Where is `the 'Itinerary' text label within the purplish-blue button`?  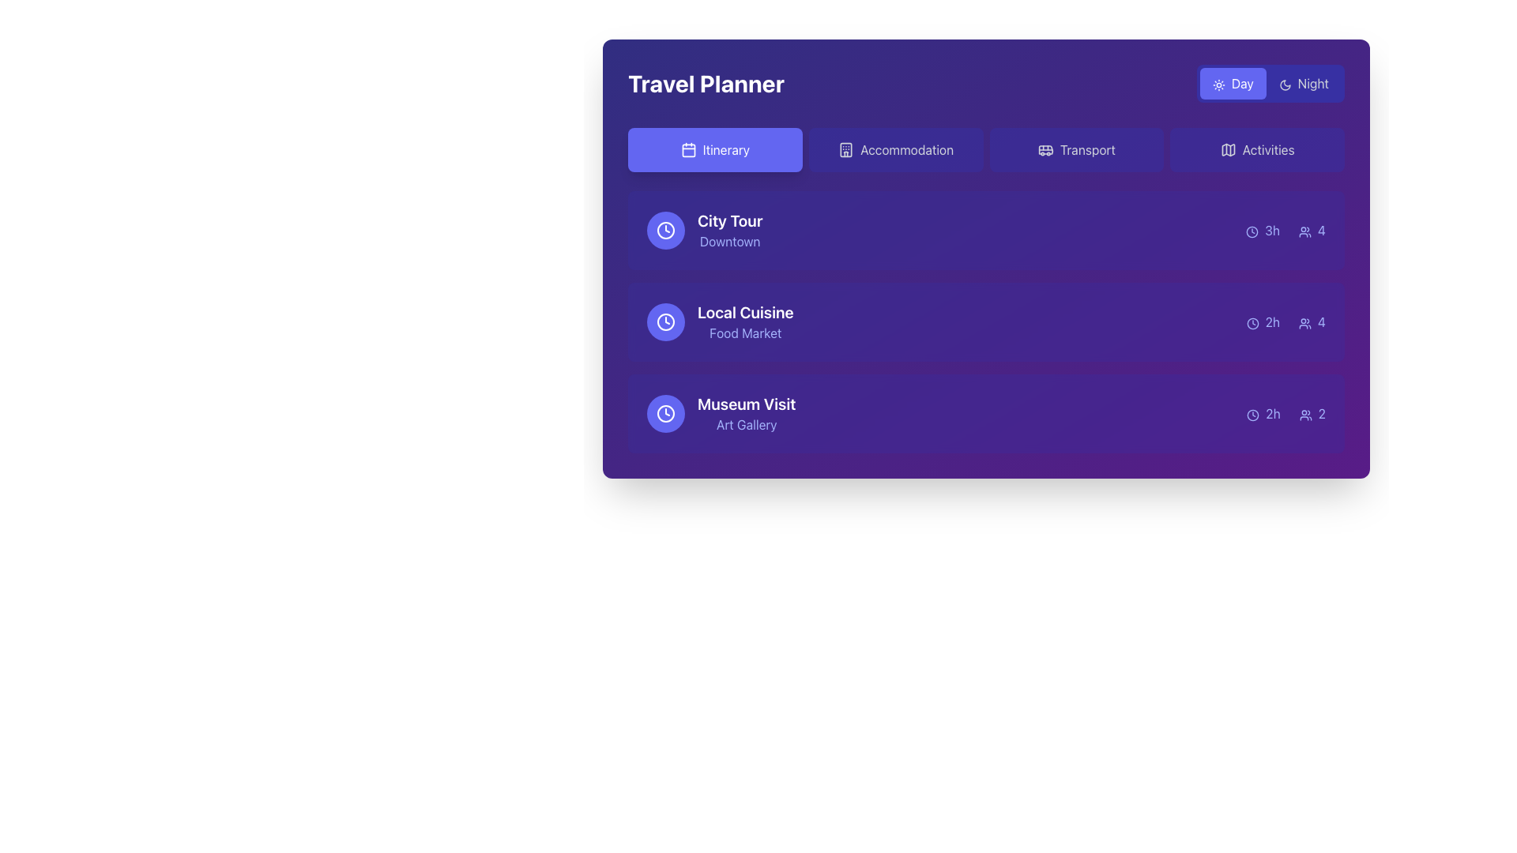
the 'Itinerary' text label within the purplish-blue button is located at coordinates (725, 149).